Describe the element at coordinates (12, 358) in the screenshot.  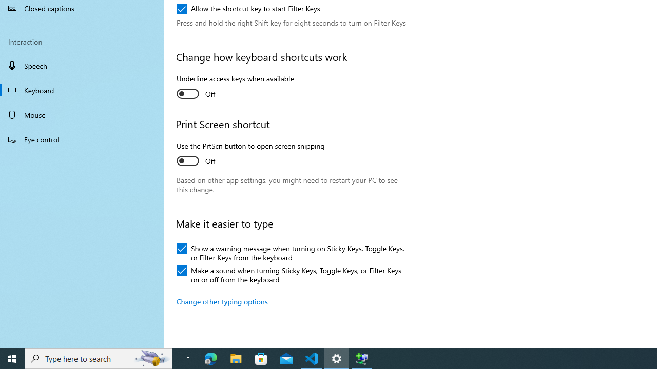
I see `'Start'` at that location.